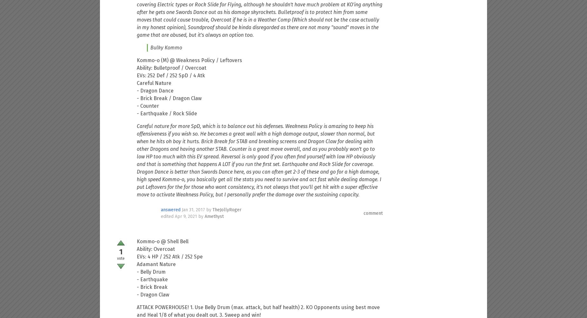 The height and width of the screenshot is (318, 587). Describe the element at coordinates (155, 249) in the screenshot. I see `'Ability: Overcoat'` at that location.